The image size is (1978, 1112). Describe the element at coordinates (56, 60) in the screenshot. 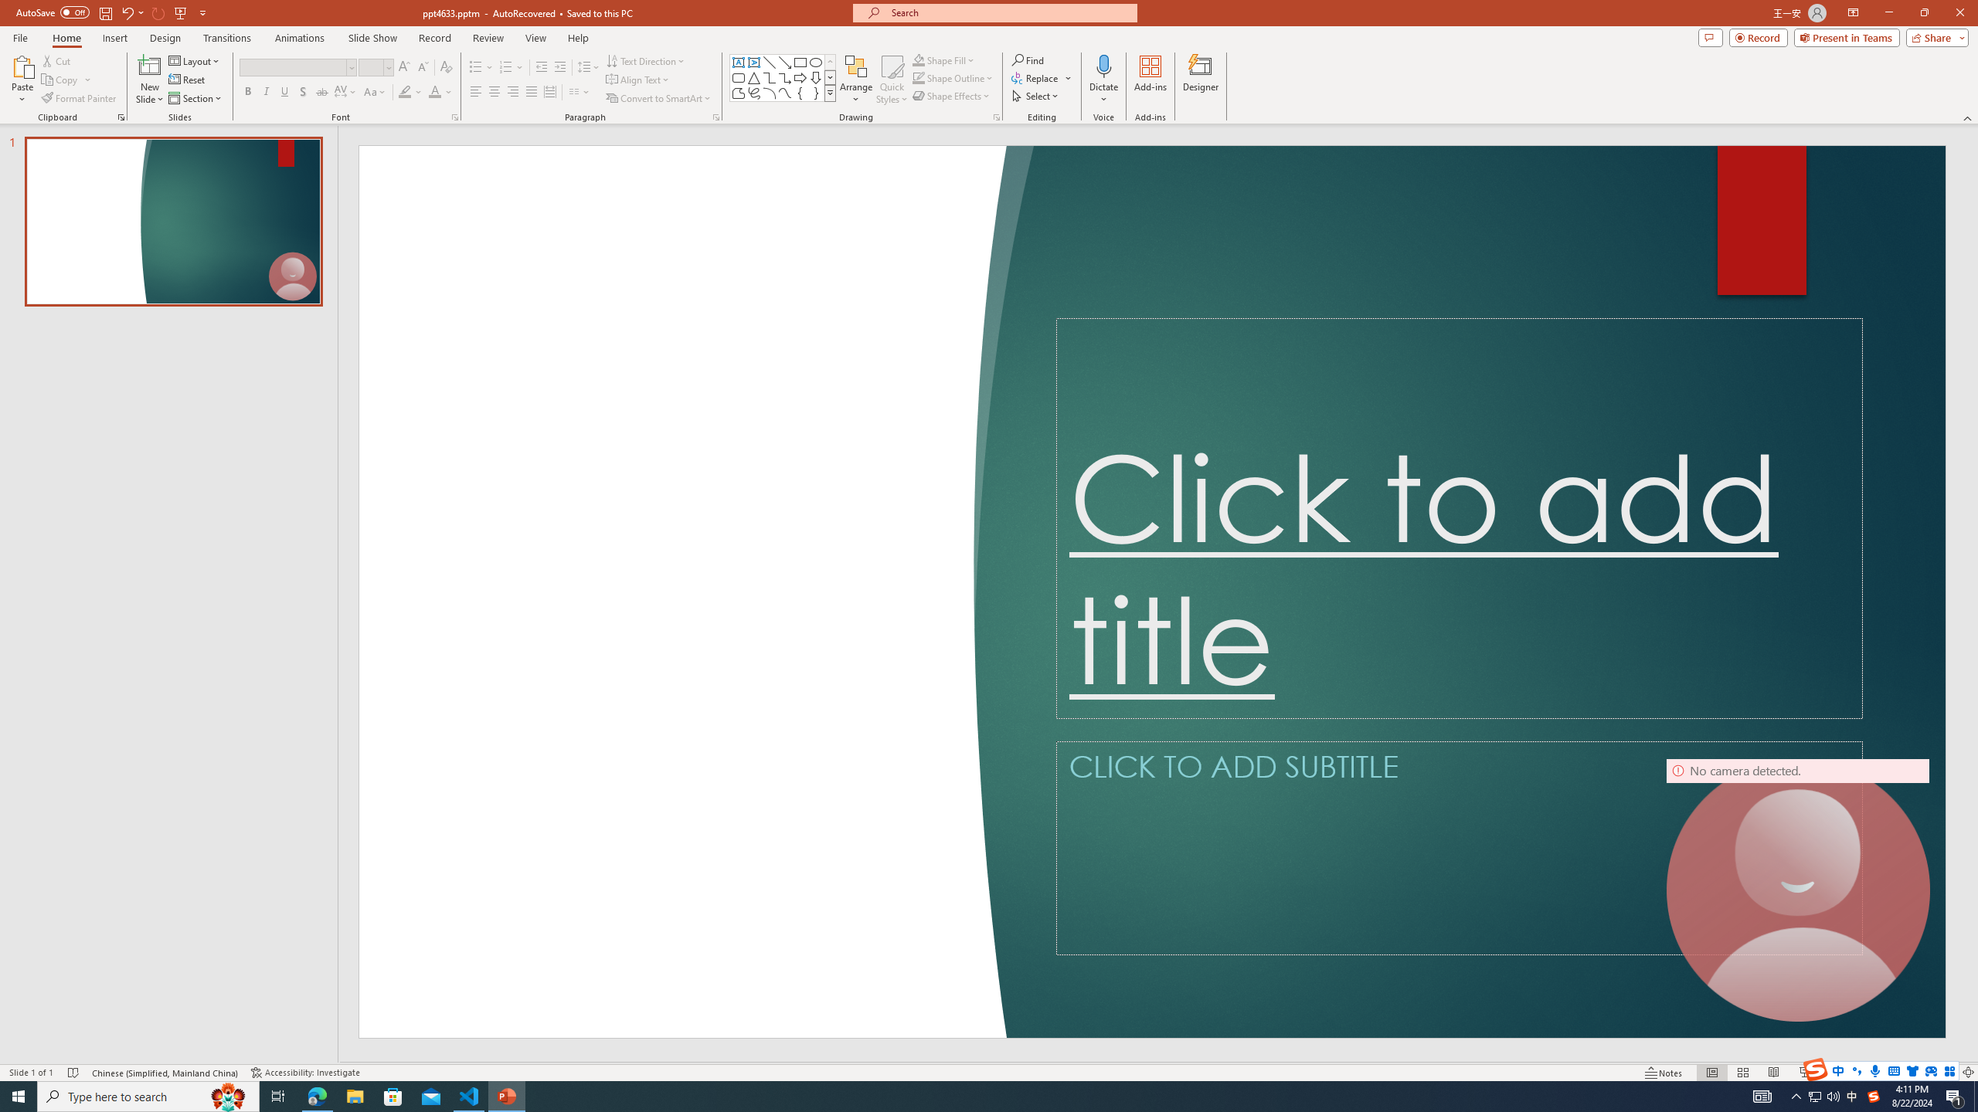

I see `'Cut'` at that location.